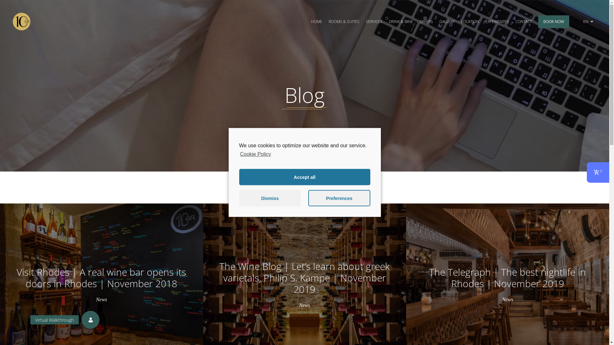  Describe the element at coordinates (255, 154) in the screenshot. I see `'Cookie Policy'` at that location.